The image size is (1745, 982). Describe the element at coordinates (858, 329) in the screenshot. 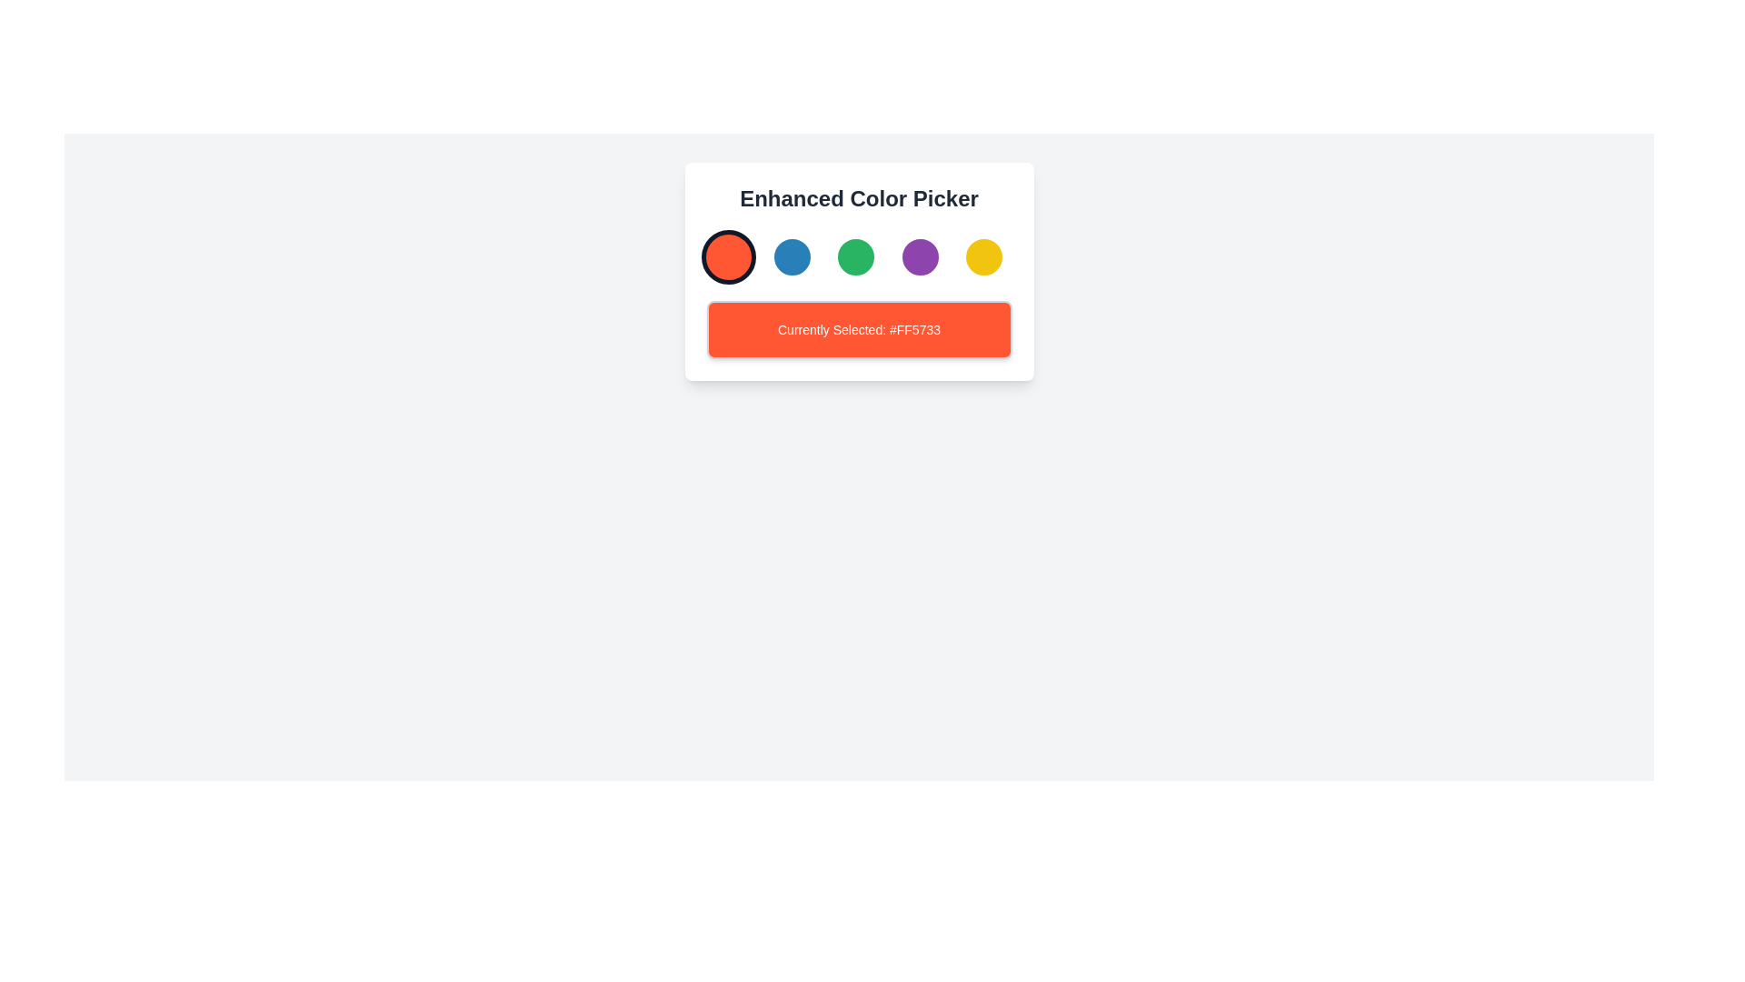

I see `text content displayed in the informational text label located at the bottom section of the rectangular card interface, which shows the currently selected color in textual and hexadecimal format` at that location.